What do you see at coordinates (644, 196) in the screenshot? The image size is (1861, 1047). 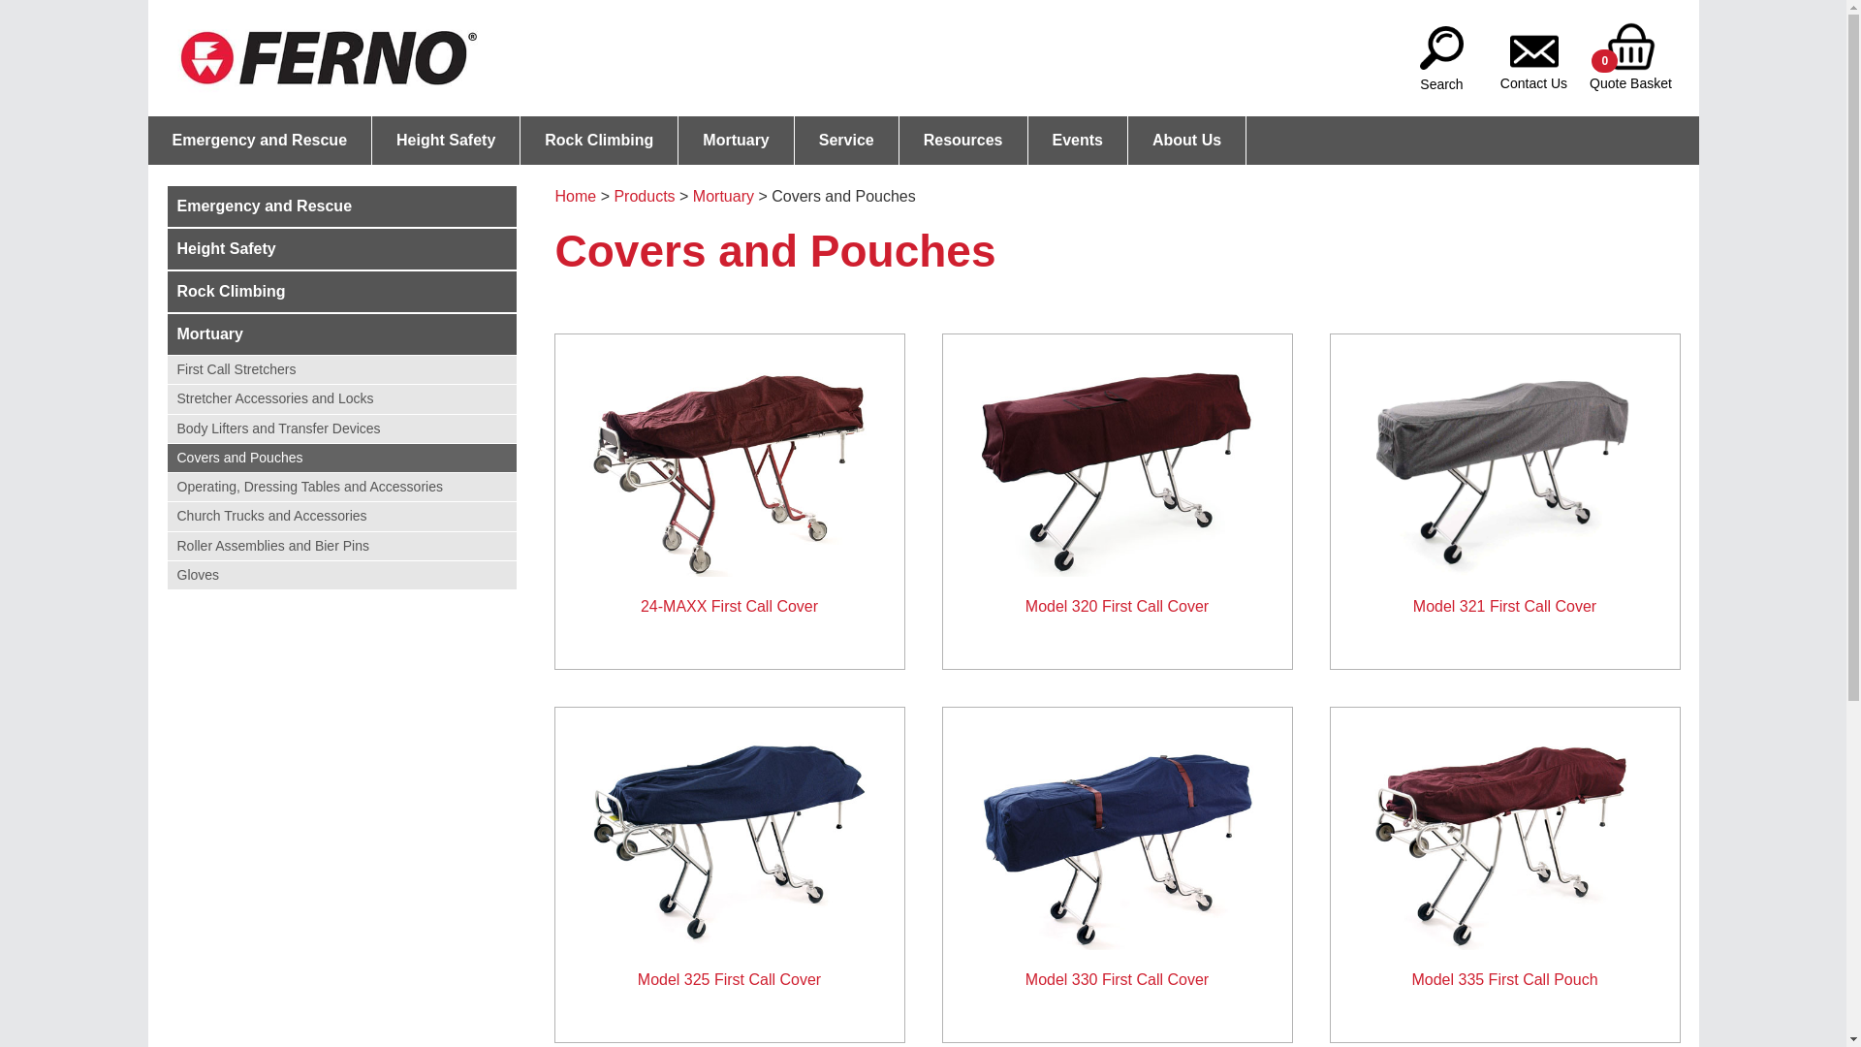 I see `'Products'` at bounding box center [644, 196].